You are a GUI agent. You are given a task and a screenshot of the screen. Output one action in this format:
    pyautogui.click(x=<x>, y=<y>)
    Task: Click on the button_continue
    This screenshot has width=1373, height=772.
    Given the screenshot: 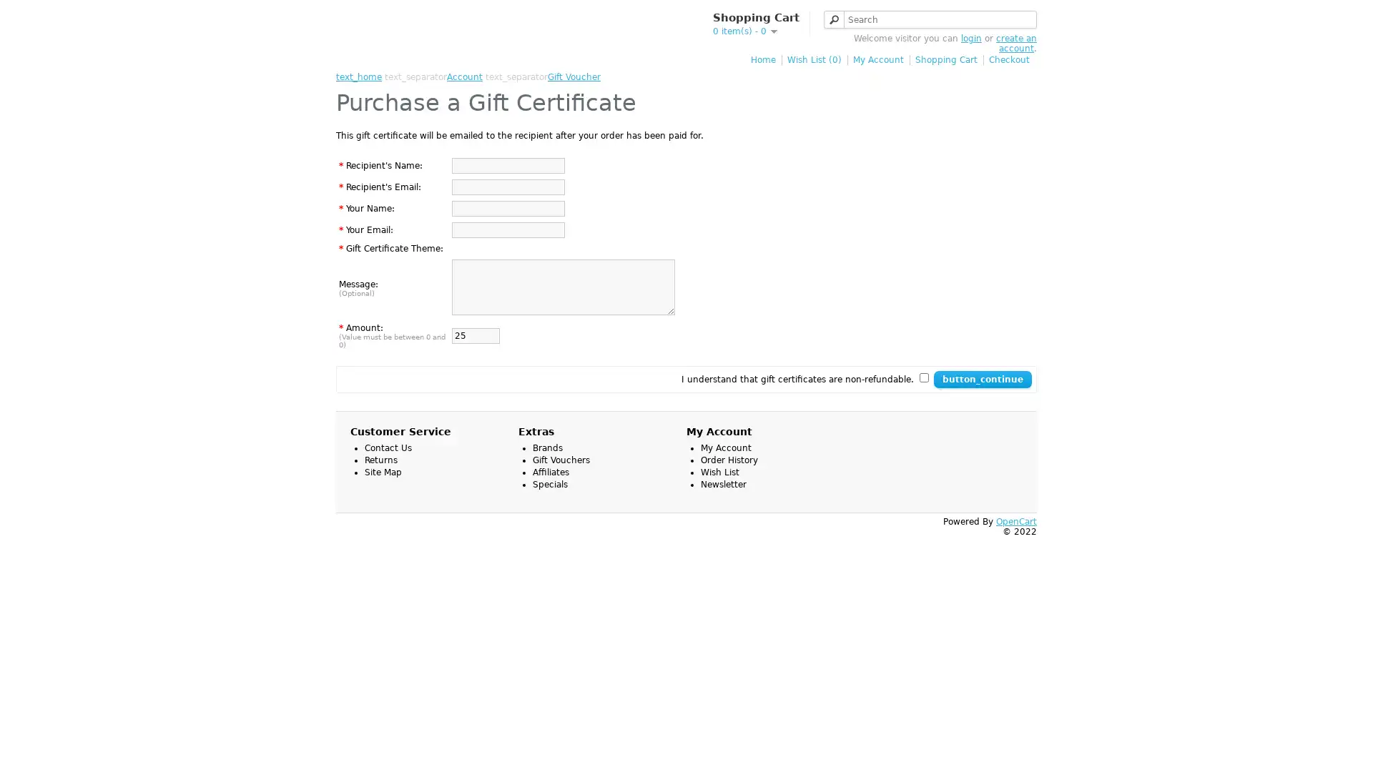 What is the action you would take?
    pyautogui.click(x=982, y=379)
    